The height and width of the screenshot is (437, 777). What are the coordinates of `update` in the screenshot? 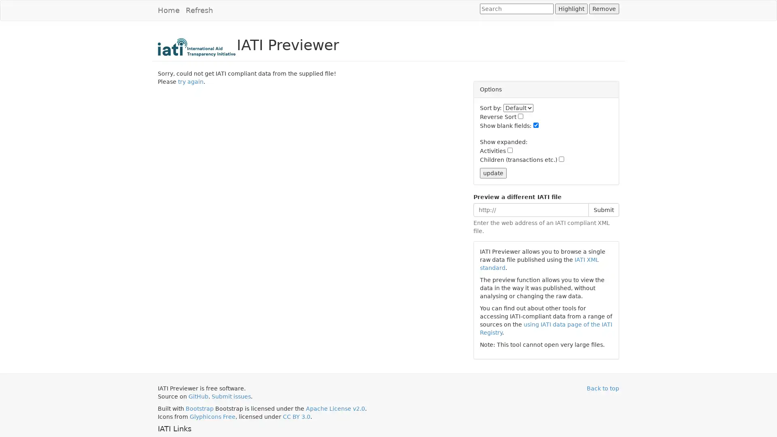 It's located at (493, 173).